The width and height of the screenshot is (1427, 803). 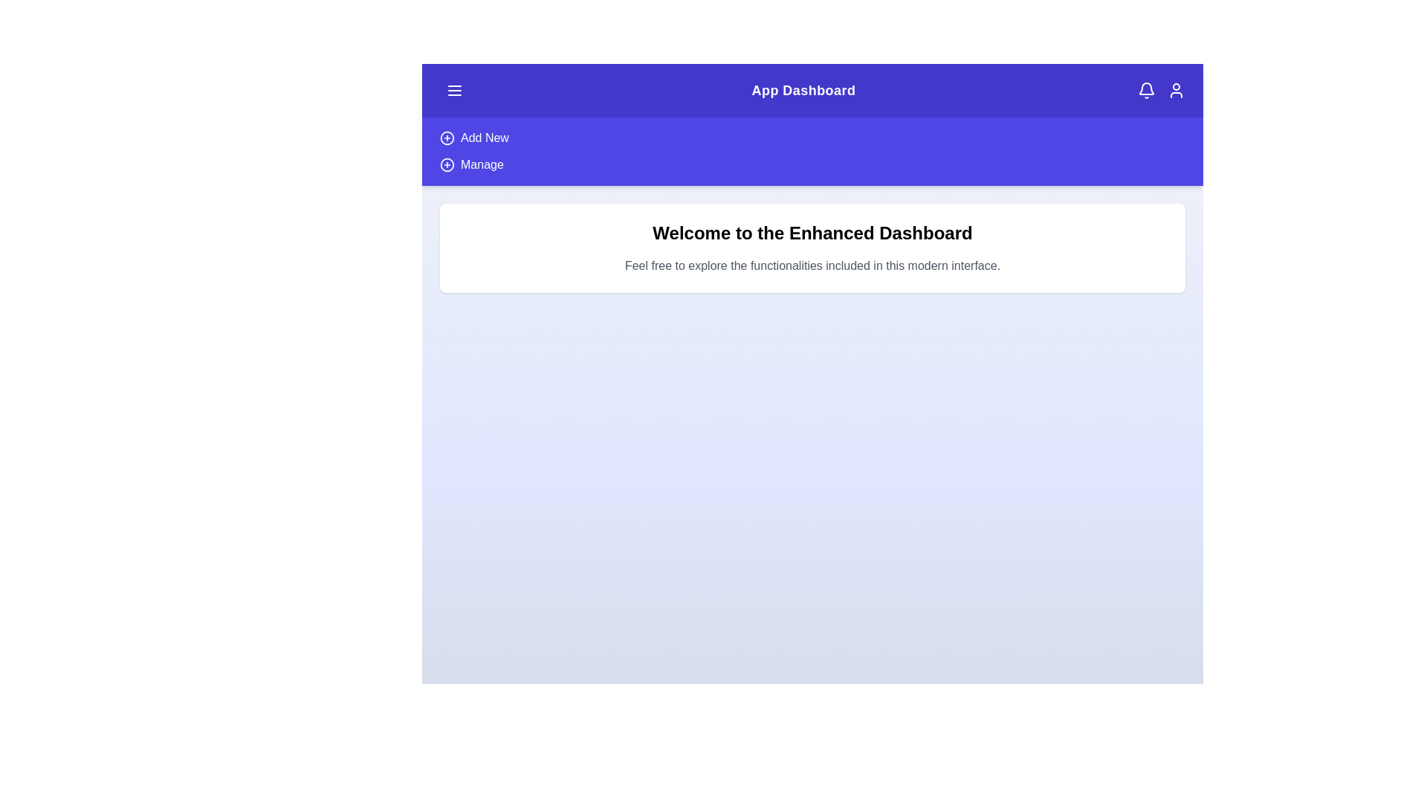 I want to click on the 'User' icon in the header, so click(x=1176, y=91).